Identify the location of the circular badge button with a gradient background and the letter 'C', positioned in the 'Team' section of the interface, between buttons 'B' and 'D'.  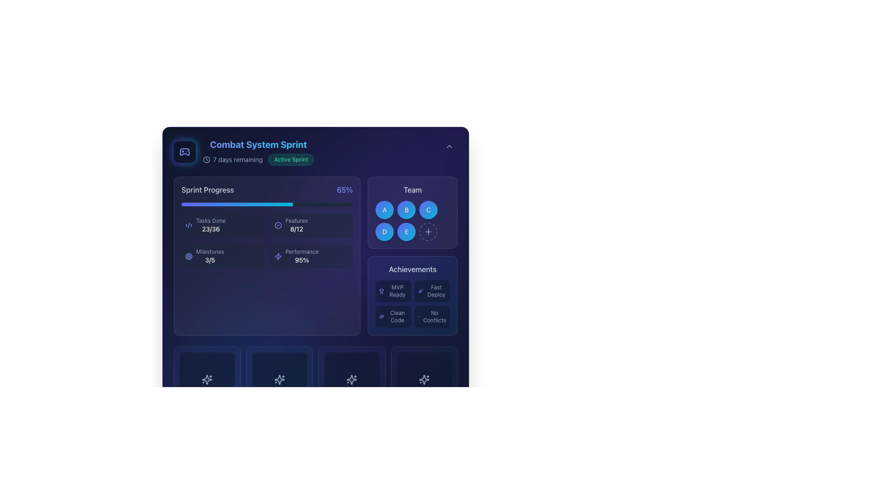
(428, 210).